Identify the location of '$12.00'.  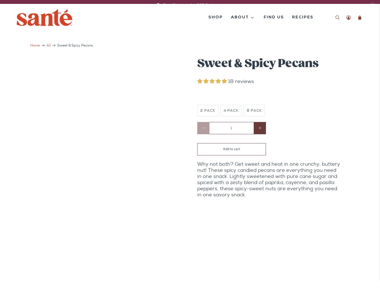
(206, 94).